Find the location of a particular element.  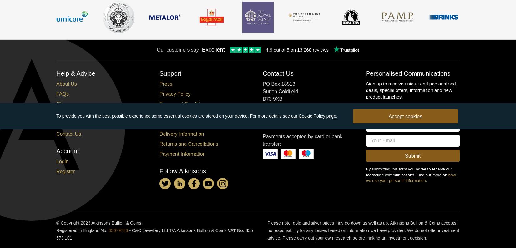

'- C&C Jewellery Ltd T/A Atkinsons Bullion & Coins' is located at coordinates (128, 230).